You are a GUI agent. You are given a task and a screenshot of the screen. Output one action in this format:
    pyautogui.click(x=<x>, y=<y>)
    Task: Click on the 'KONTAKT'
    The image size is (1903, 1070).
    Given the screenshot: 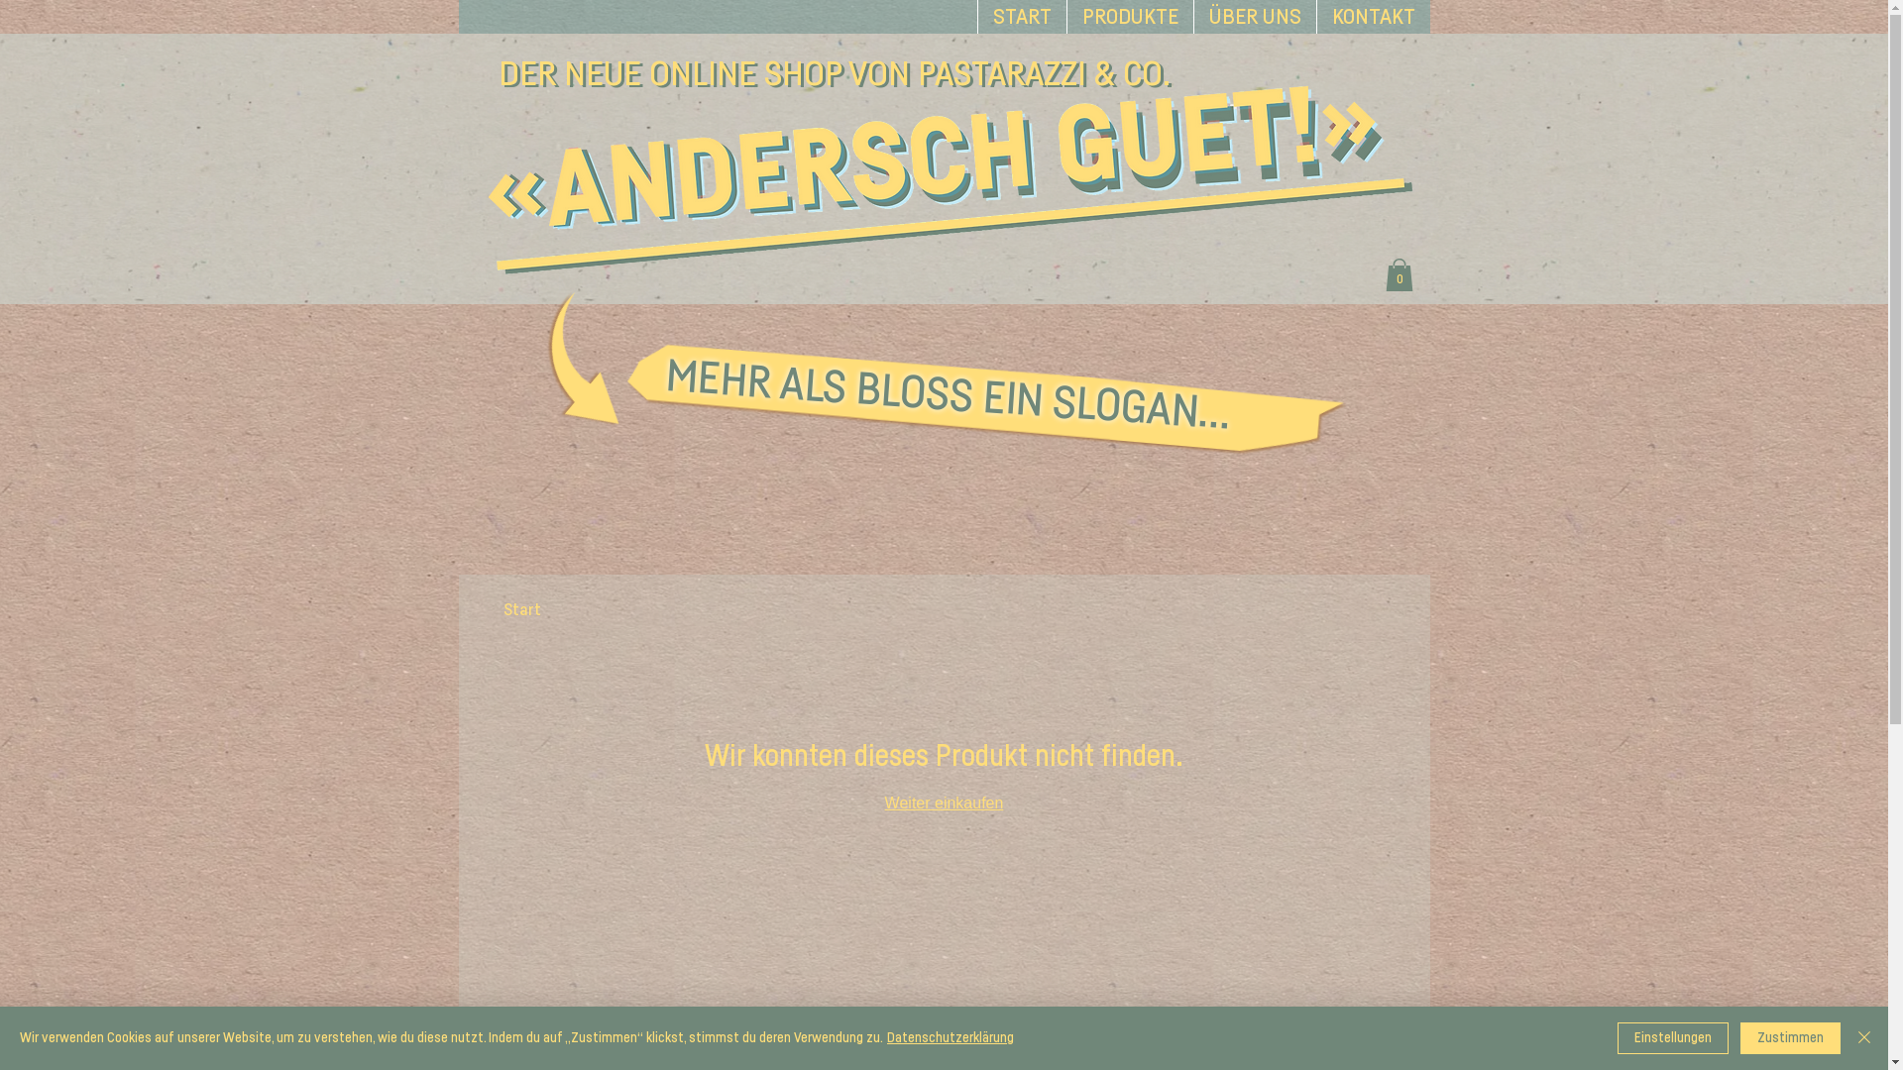 What is the action you would take?
    pyautogui.click(x=1372, y=16)
    